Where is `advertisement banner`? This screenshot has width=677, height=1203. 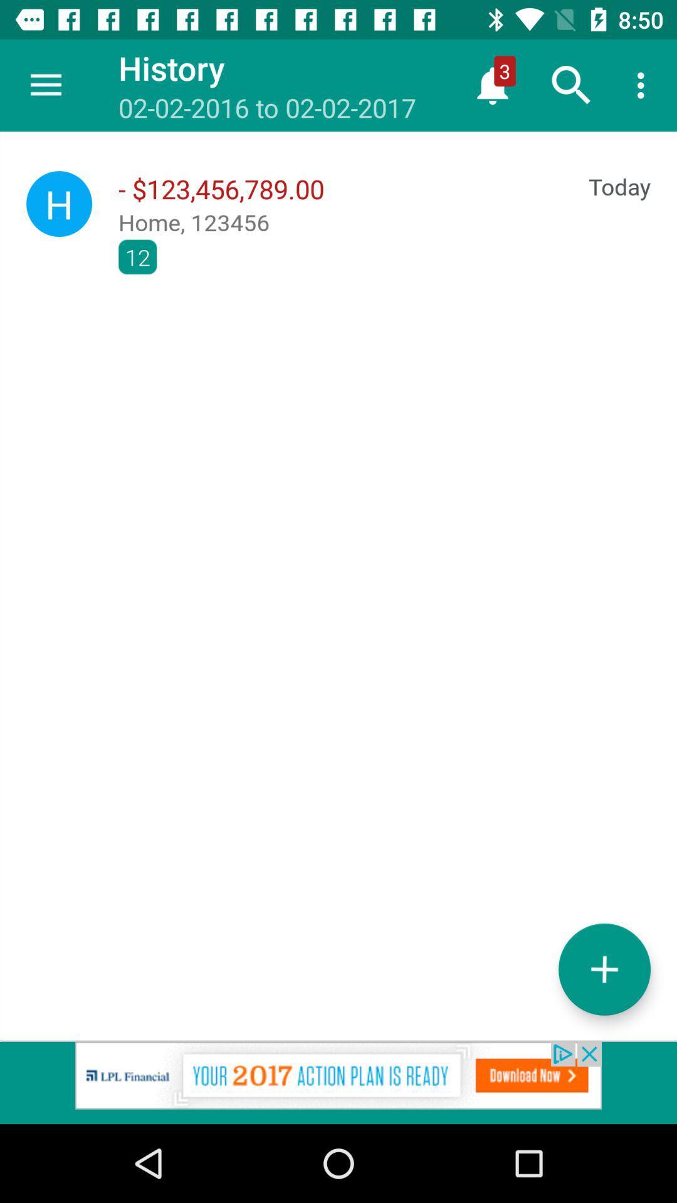
advertisement banner is located at coordinates (338, 1082).